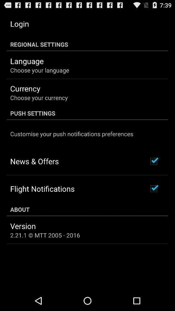  What do you see at coordinates (87, 209) in the screenshot?
I see `about` at bounding box center [87, 209].